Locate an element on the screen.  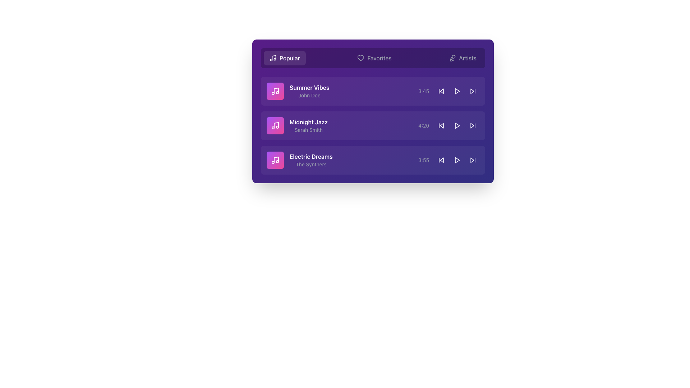
the text label indicating the author or artist name below 'Midnight Jazz', which is the second text in the middle portion of the interface is located at coordinates (309, 130).